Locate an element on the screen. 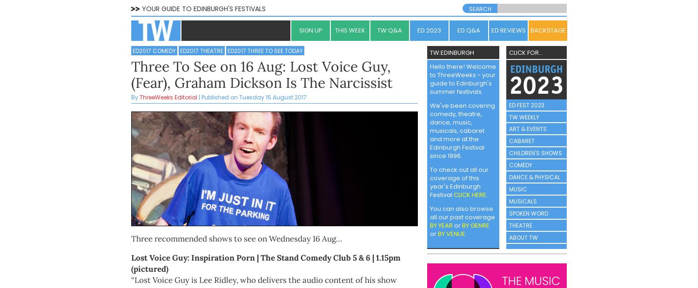 The image size is (698, 288). 'ED2017 Theatre' is located at coordinates (201, 50).